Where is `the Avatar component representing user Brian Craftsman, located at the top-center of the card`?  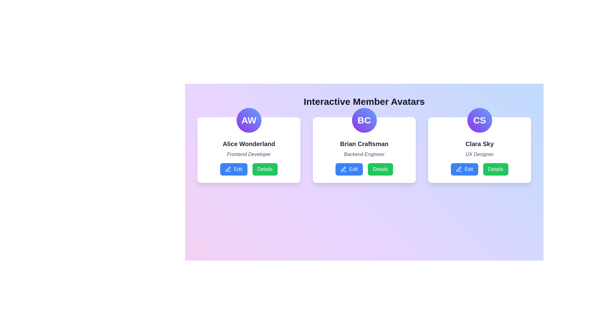 the Avatar component representing user Brian Craftsman, located at the top-center of the card is located at coordinates (364, 120).